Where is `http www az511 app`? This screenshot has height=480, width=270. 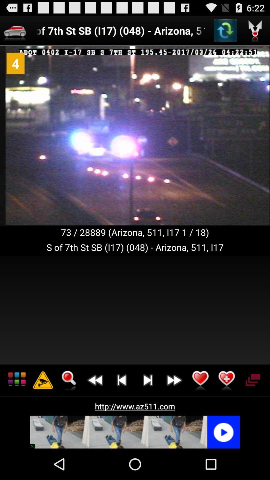 http www az511 app is located at coordinates (135, 406).